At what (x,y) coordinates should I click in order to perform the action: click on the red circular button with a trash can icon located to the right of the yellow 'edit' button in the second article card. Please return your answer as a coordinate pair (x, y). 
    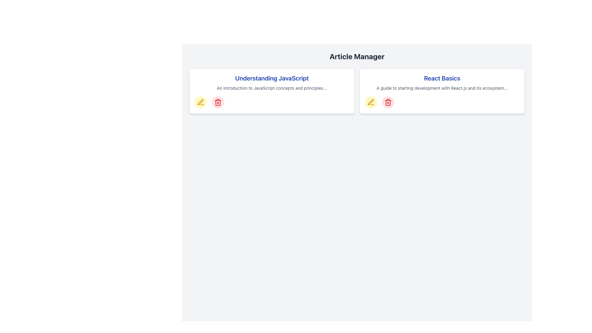
    Looking at the image, I should click on (388, 102).